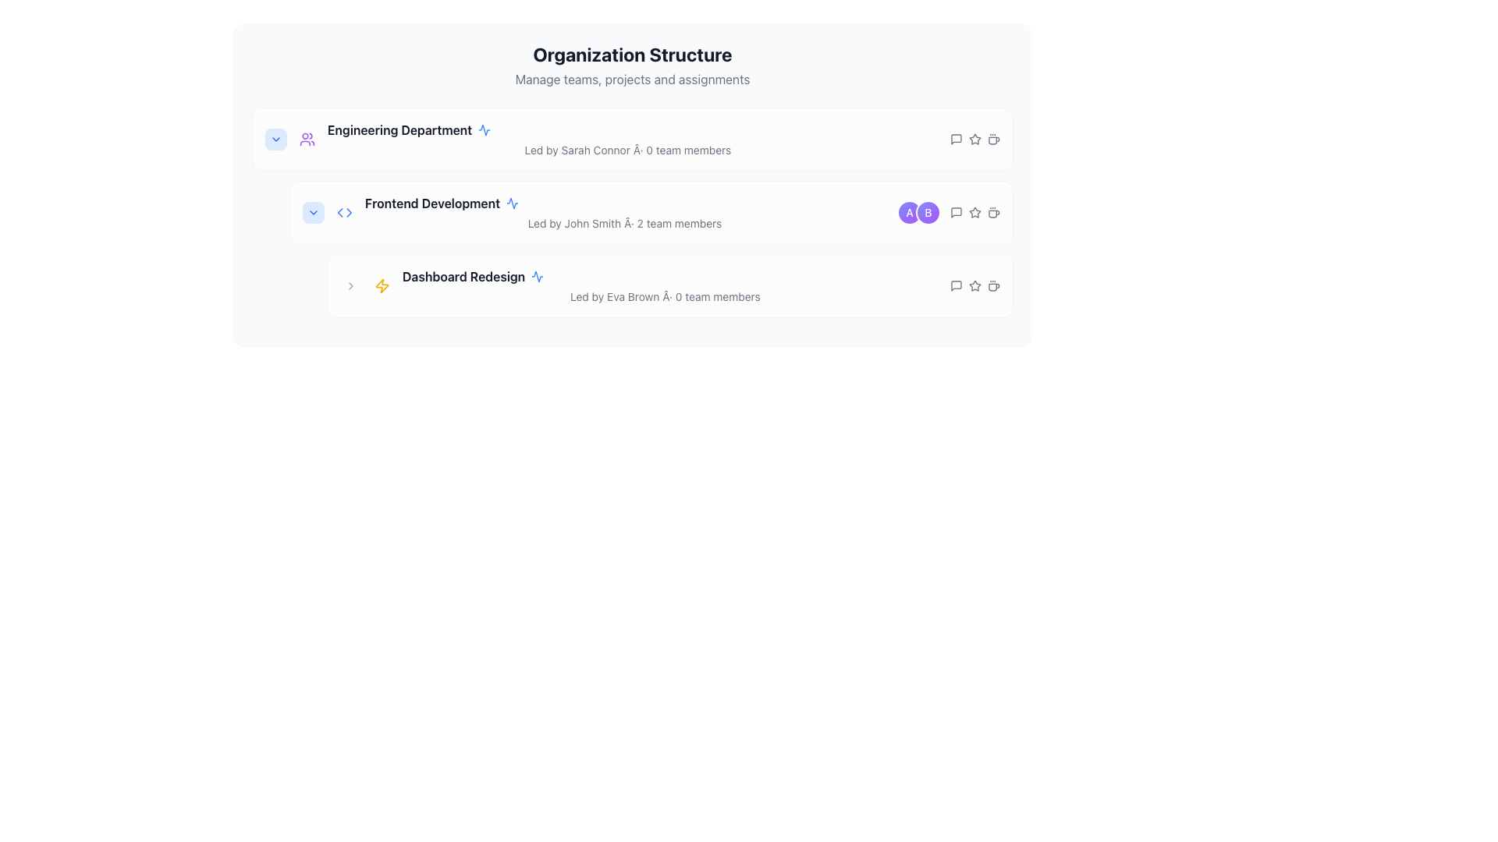 Image resolution: width=1498 pixels, height=842 pixels. What do you see at coordinates (969, 138) in the screenshot?
I see `the star-shaped icon button to favorite the 'Engineering Department' entry, which is the third icon in a sequence aligned to the right of the row, positioned between the chat bubble and coffee cup icons` at bounding box center [969, 138].